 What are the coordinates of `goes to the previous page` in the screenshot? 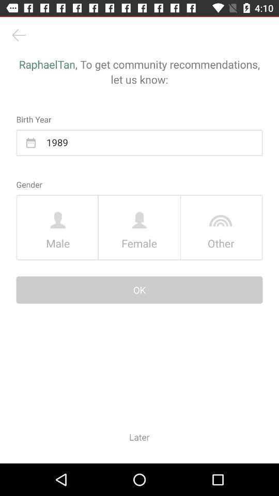 It's located at (19, 35).